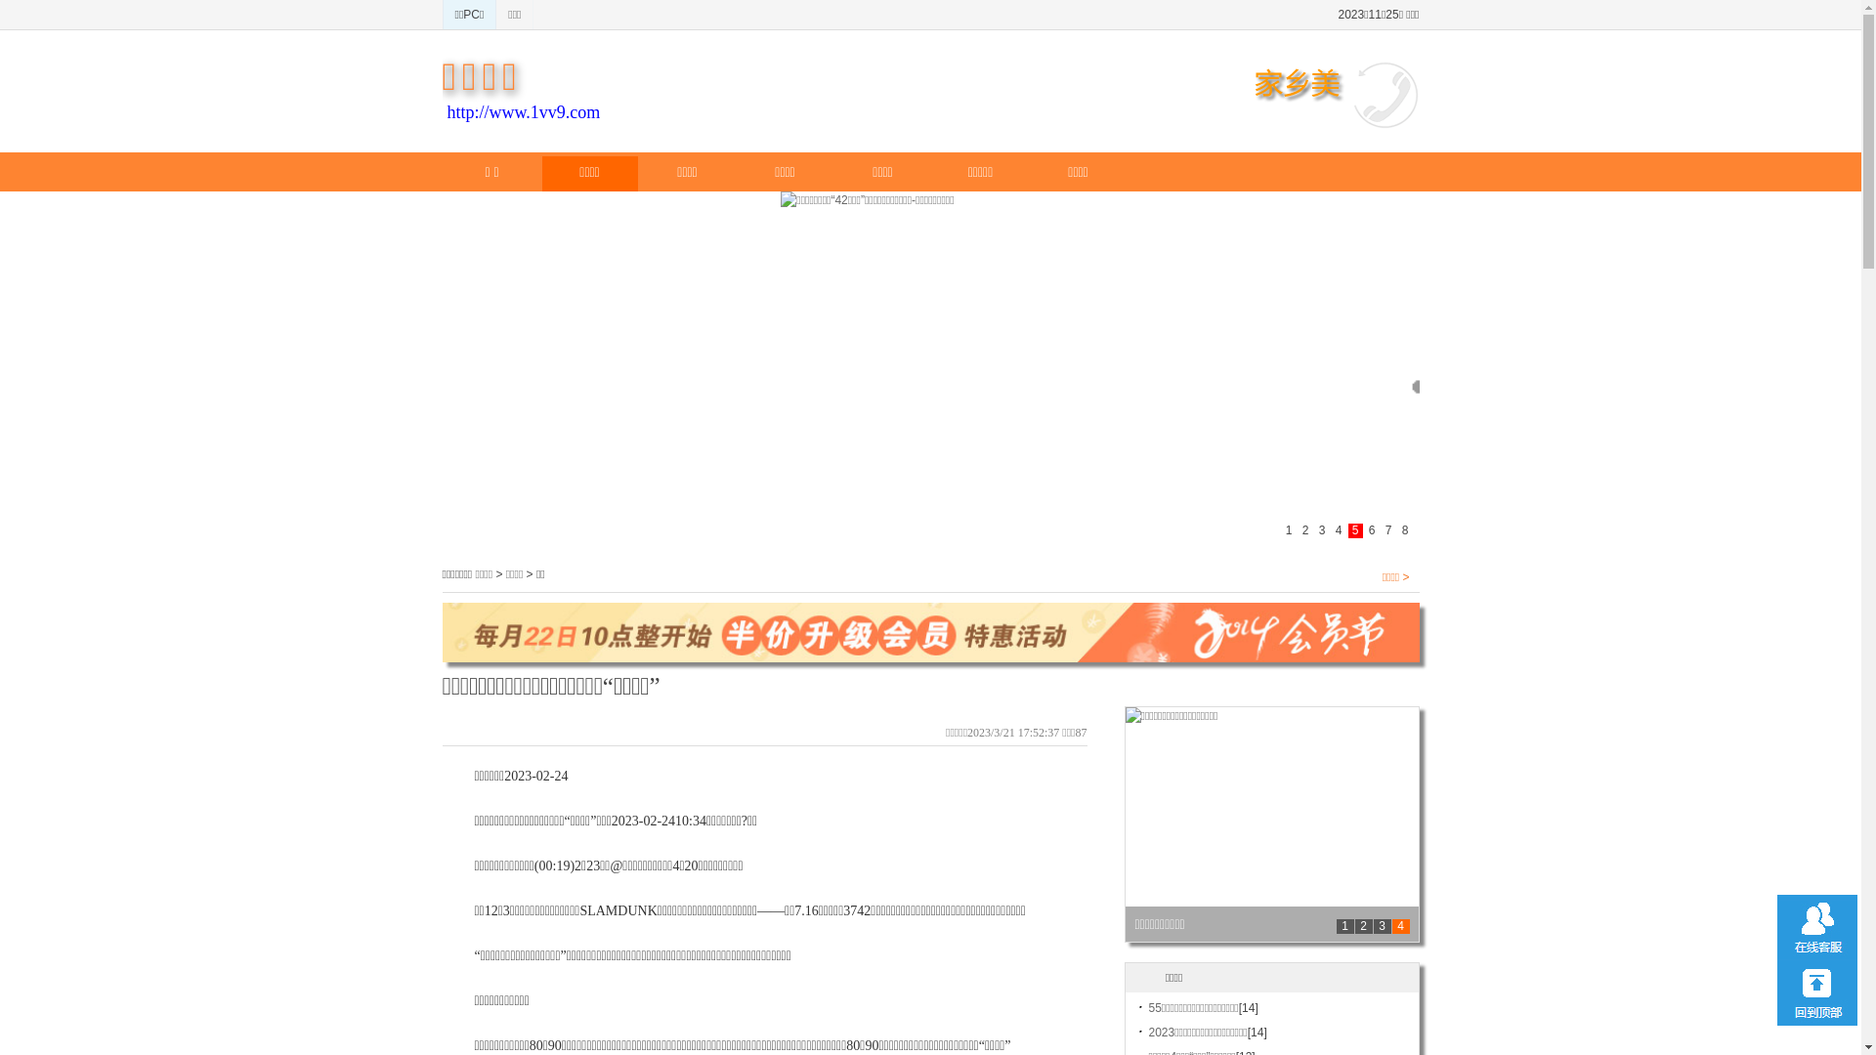 This screenshot has height=1055, width=1876. Describe the element at coordinates (1336, 925) in the screenshot. I see `'1'` at that location.